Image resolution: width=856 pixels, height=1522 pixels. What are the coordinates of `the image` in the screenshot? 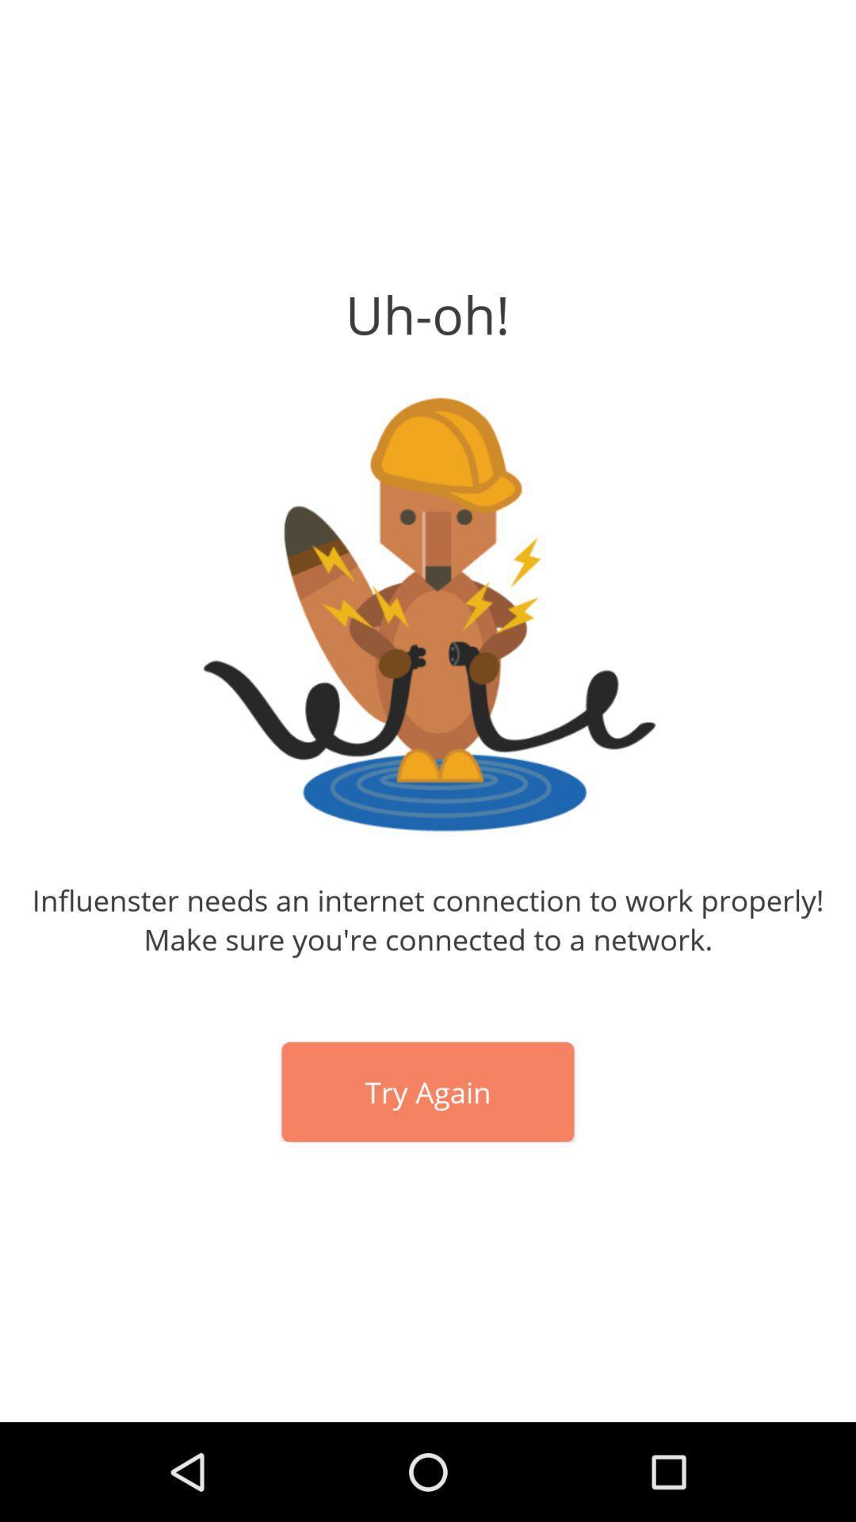 It's located at (428, 614).